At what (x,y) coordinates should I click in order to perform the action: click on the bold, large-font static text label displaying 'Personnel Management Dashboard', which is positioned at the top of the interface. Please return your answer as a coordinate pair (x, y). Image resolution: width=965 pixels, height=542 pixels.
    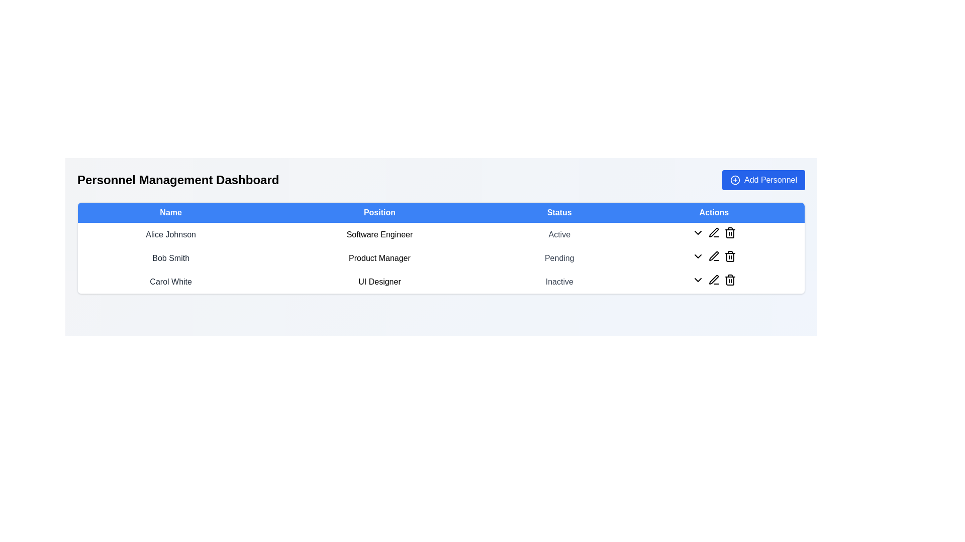
    Looking at the image, I should click on (178, 179).